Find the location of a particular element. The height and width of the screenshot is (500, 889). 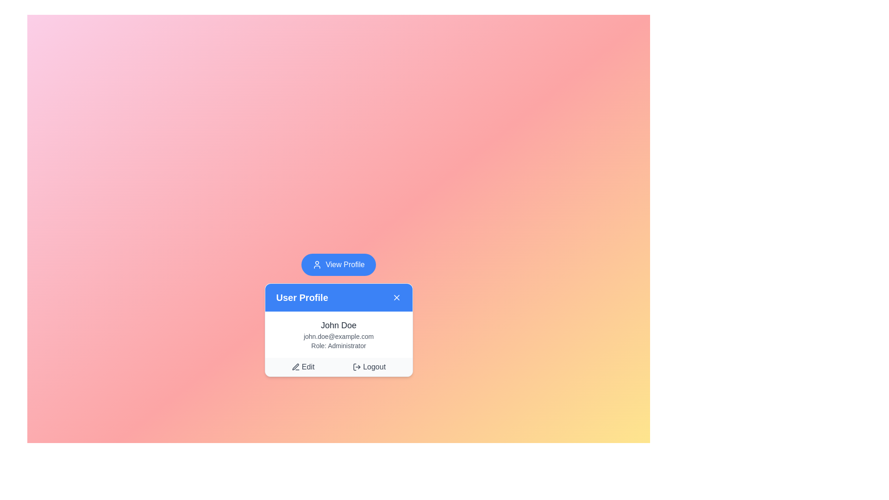

the text block displaying the user's profile information located in the 'User Profile' pop-up card, positioned below the blue header and above the 'Edit' and 'Logout' buttons is located at coordinates (338, 334).